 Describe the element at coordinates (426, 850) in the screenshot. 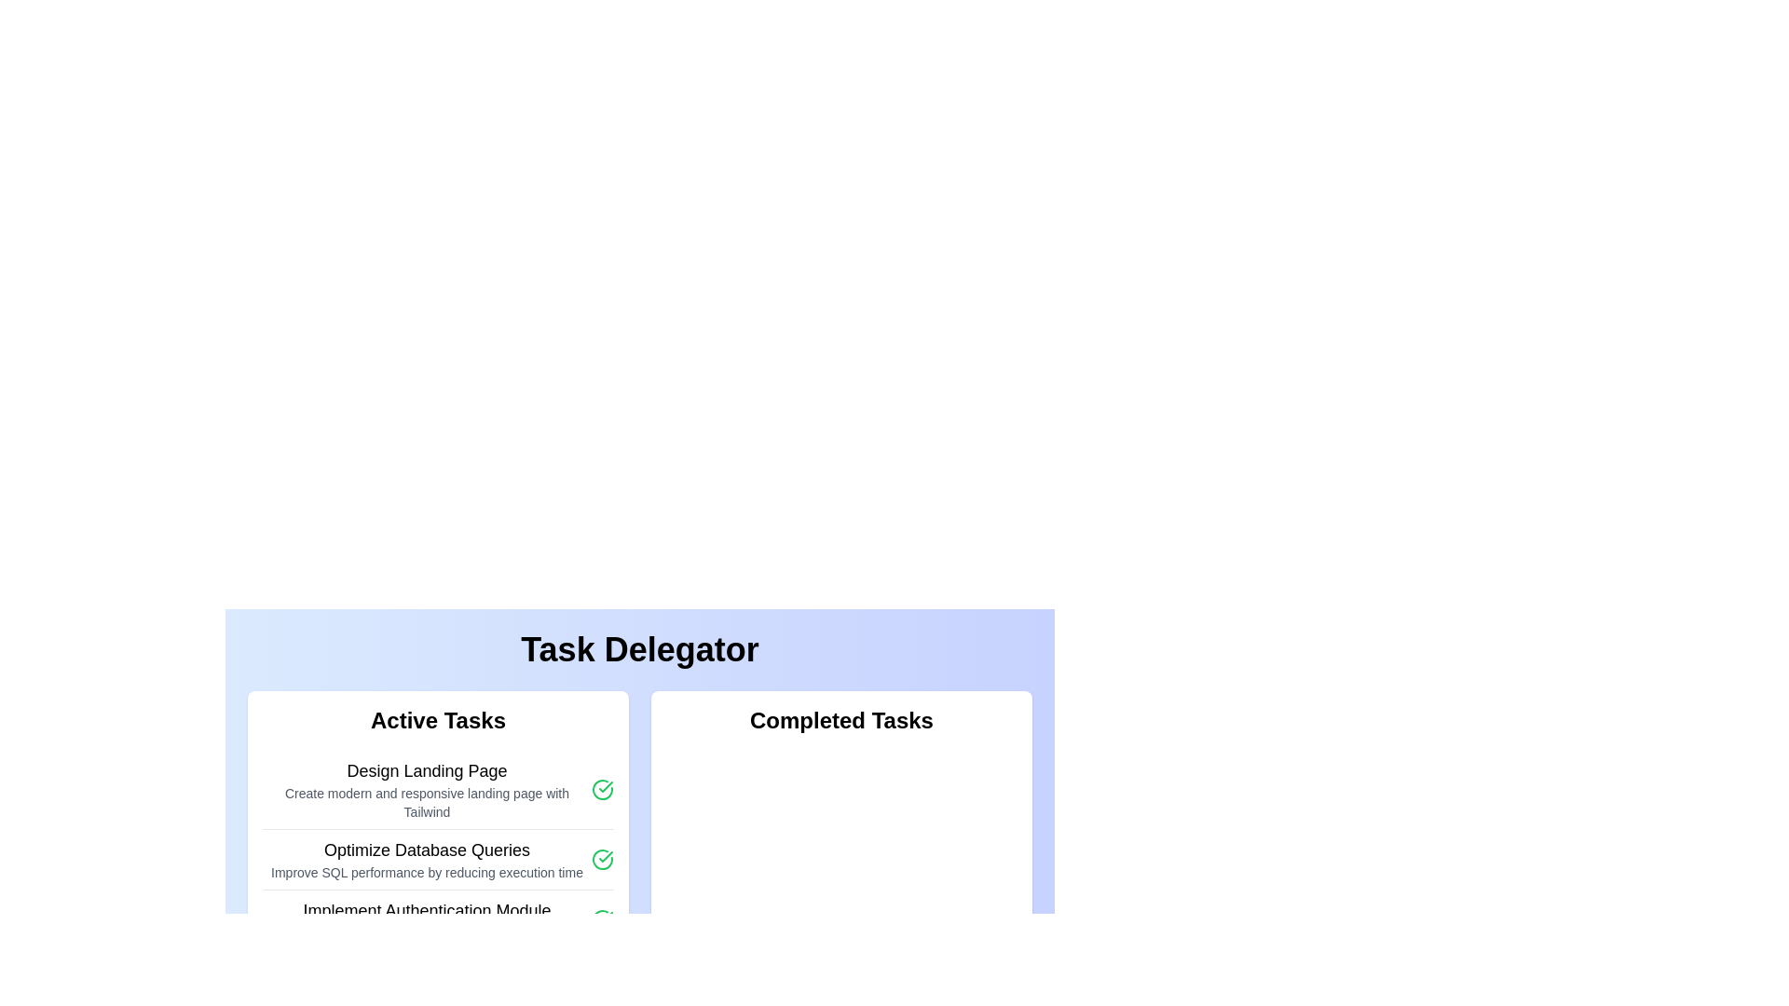

I see `title of the task located in the 'Active Tasks' section, which is the second task in the vertical list, providing a concise description of the task` at that location.